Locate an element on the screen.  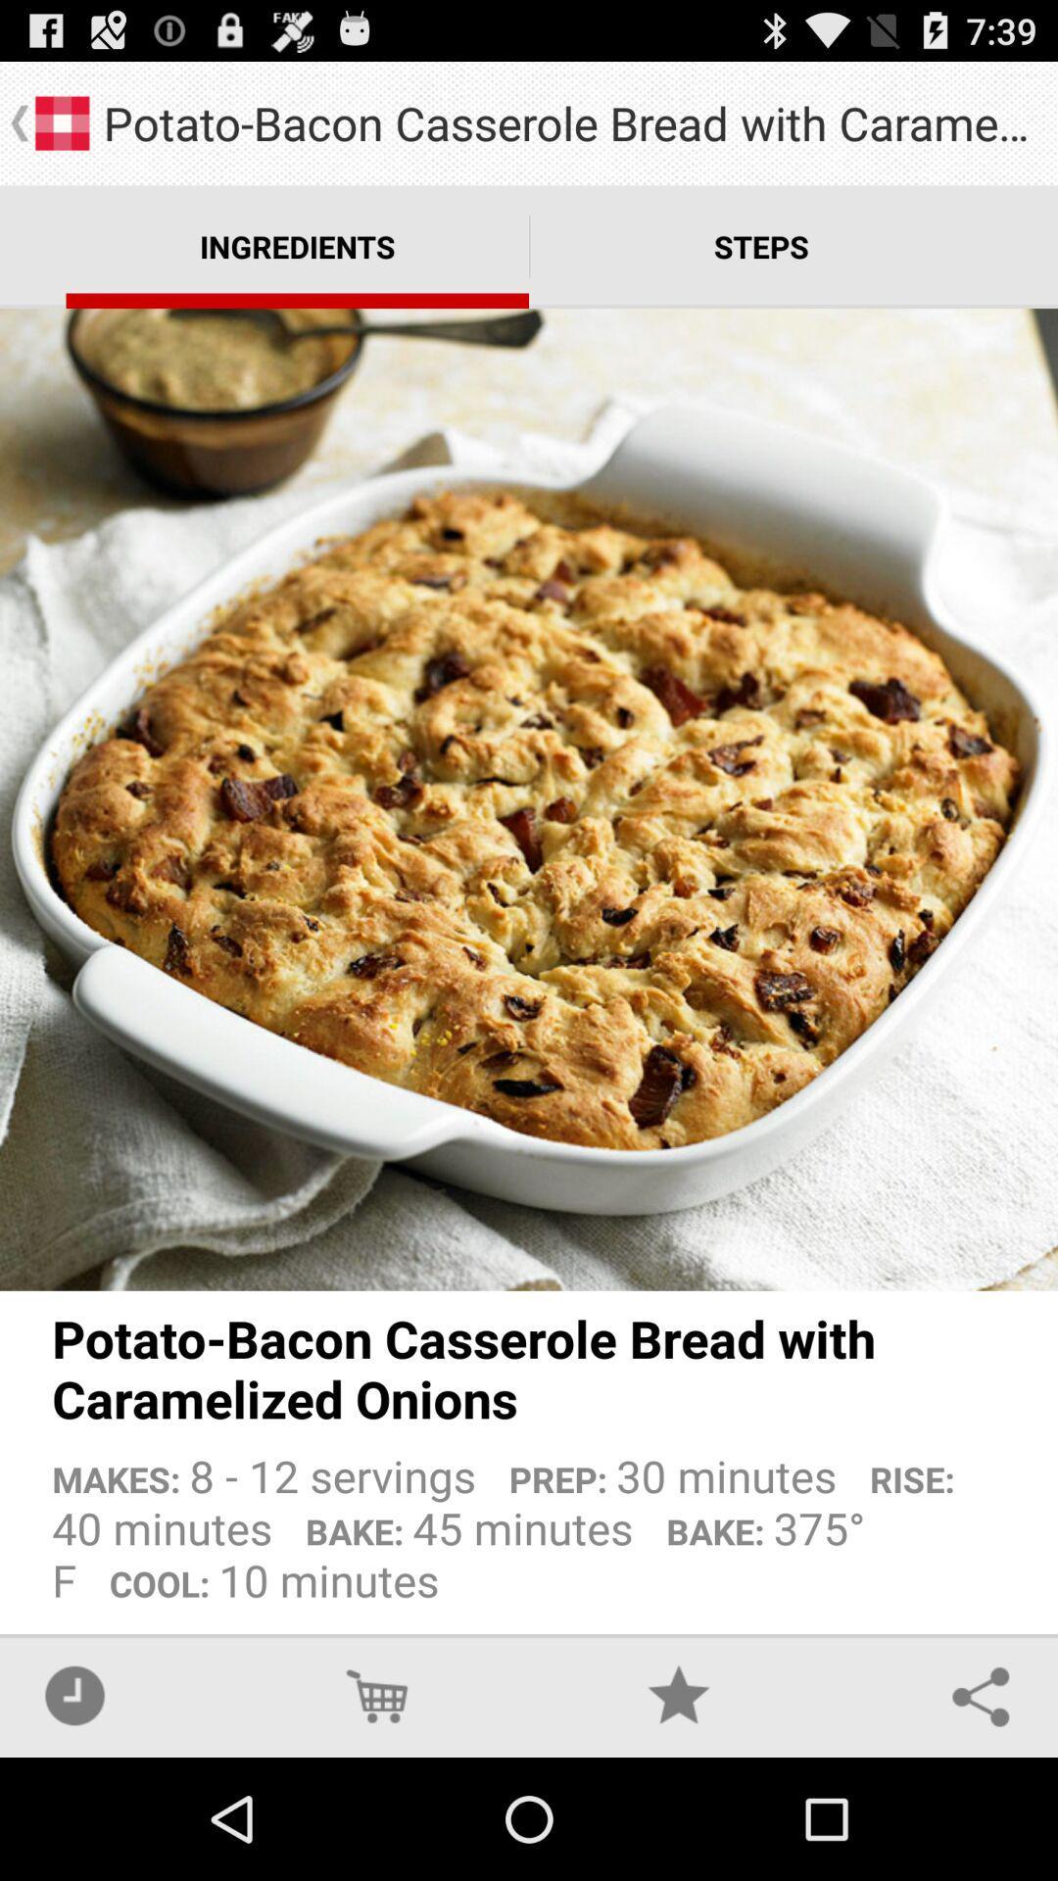
the icon at the bottom left corner is located at coordinates (73, 1695).